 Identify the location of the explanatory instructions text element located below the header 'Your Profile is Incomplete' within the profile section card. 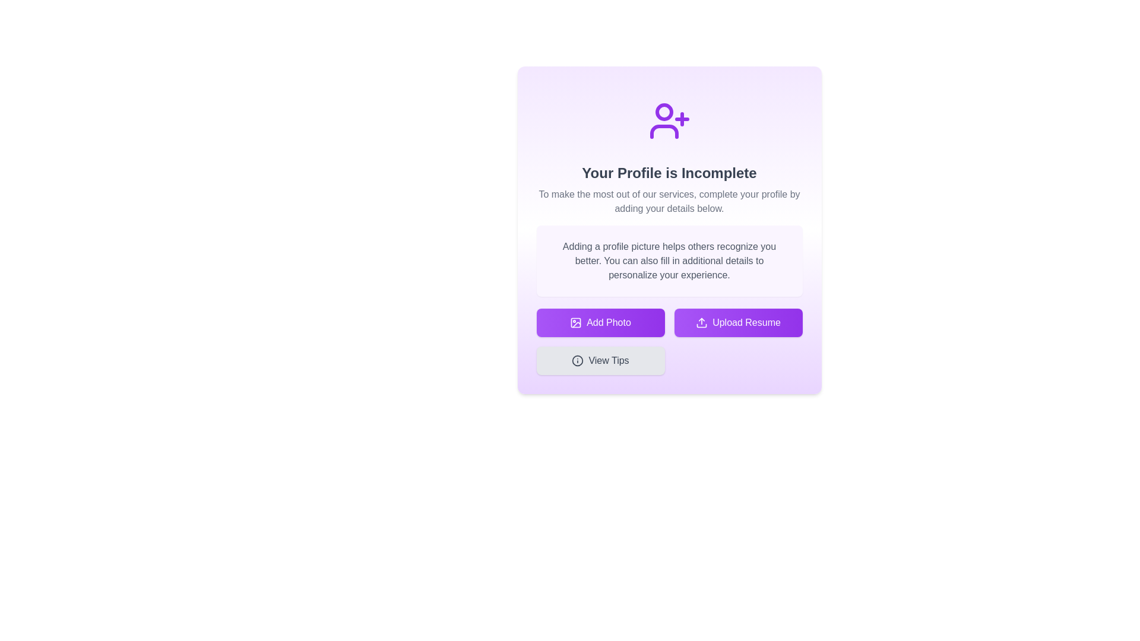
(669, 201).